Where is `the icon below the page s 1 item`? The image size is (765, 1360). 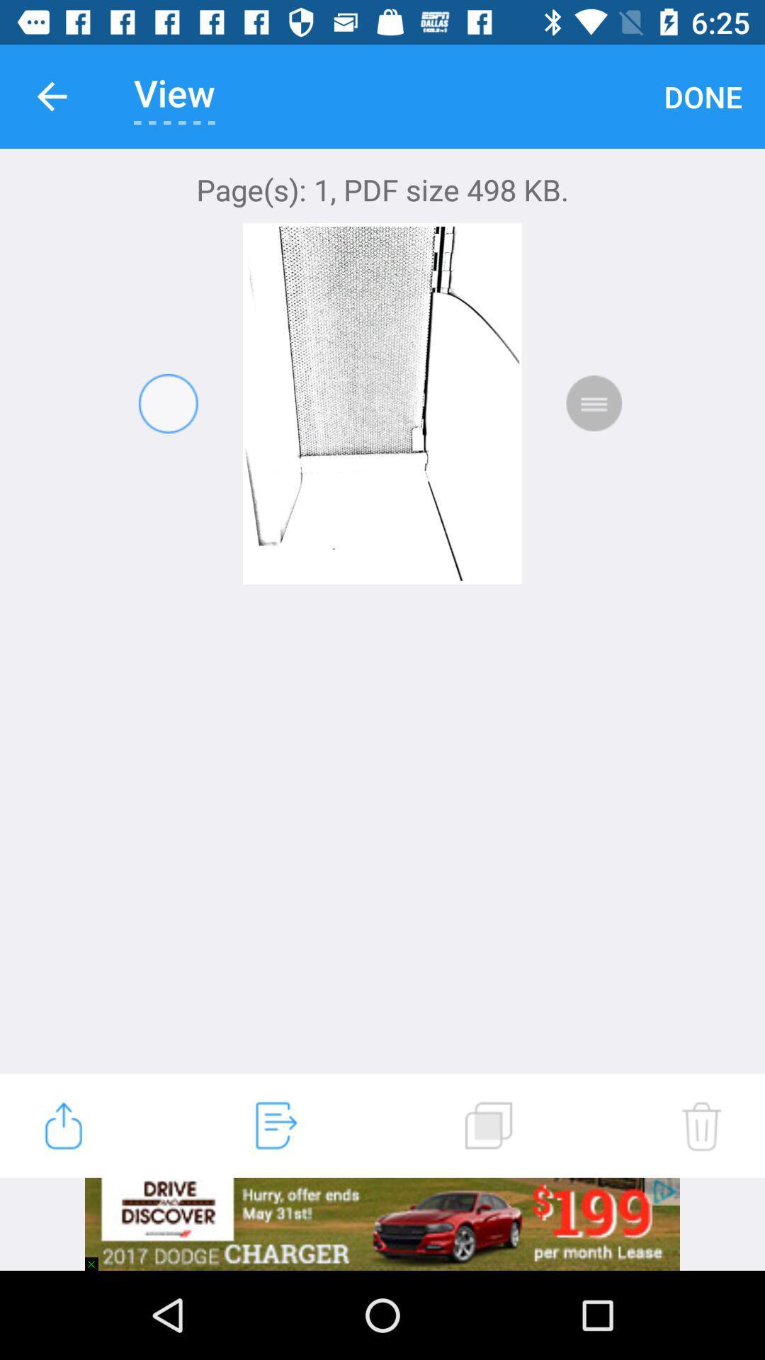 the icon below the page s 1 item is located at coordinates (62, 1125).